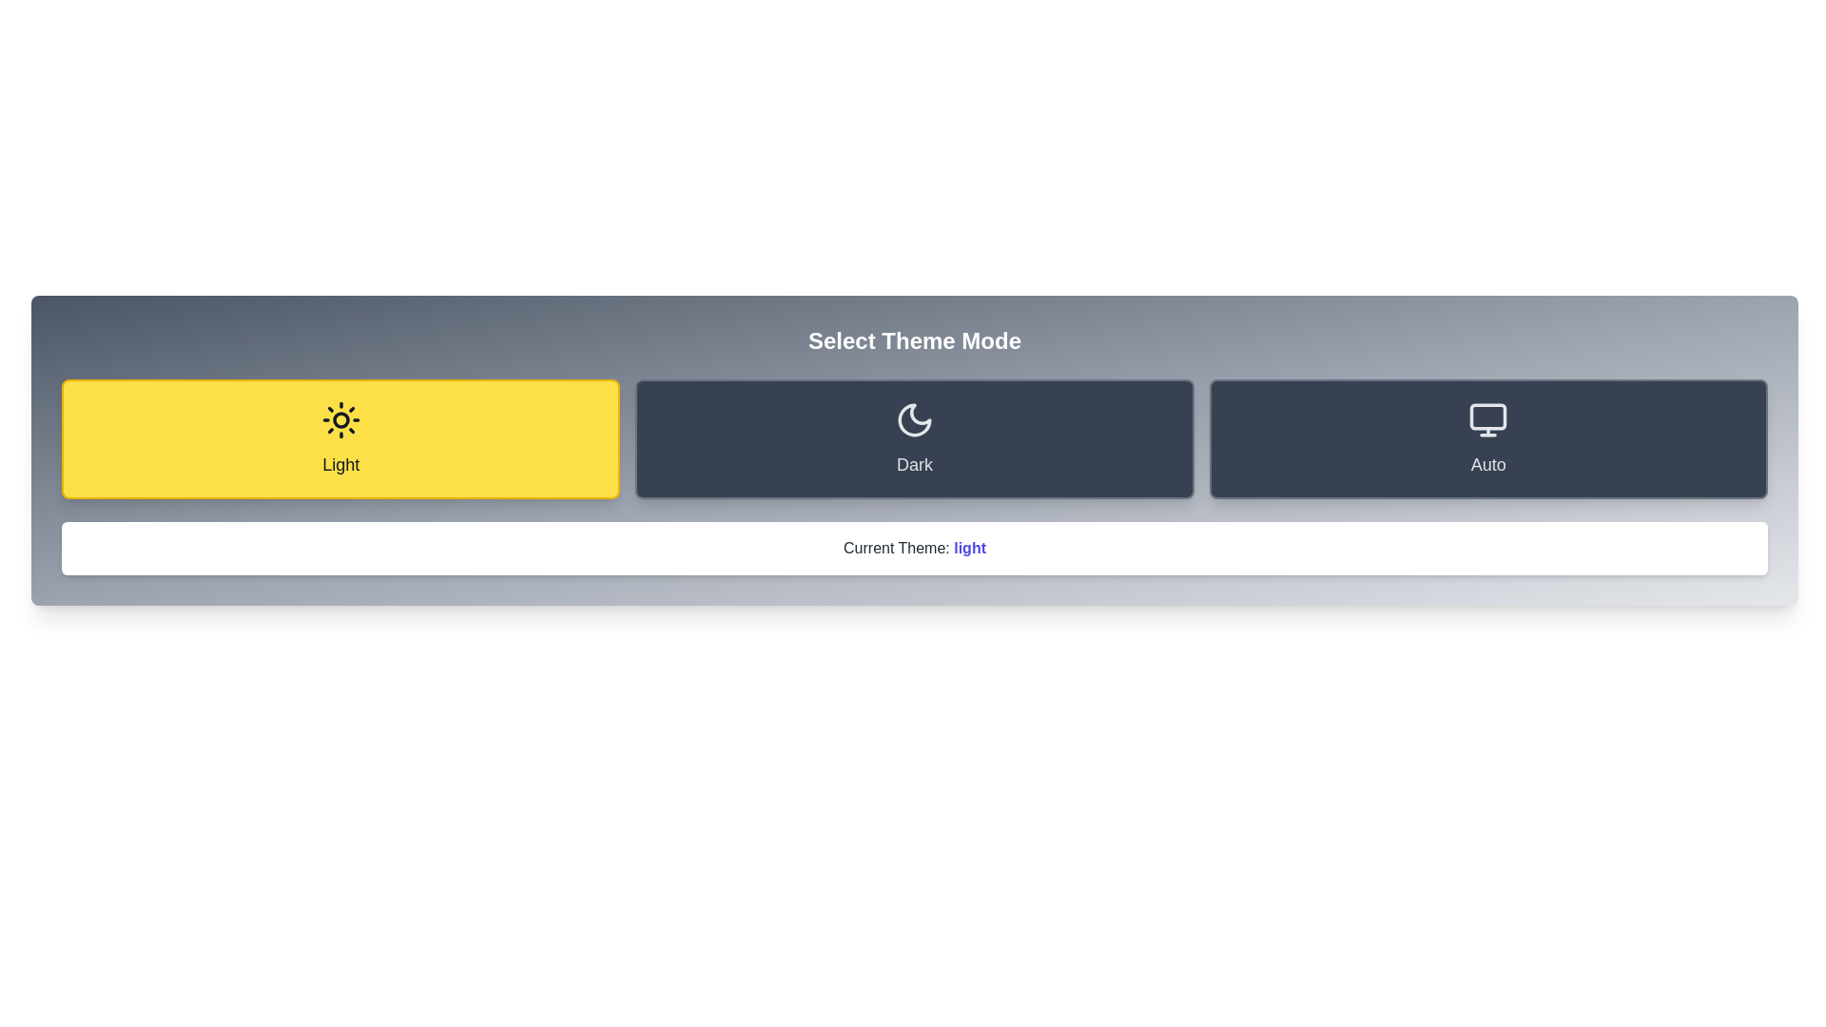  What do you see at coordinates (914, 419) in the screenshot?
I see `the crescent moon icon located in the dark rectangular background, which is centered between the 'Light' and 'Auto' sections` at bounding box center [914, 419].